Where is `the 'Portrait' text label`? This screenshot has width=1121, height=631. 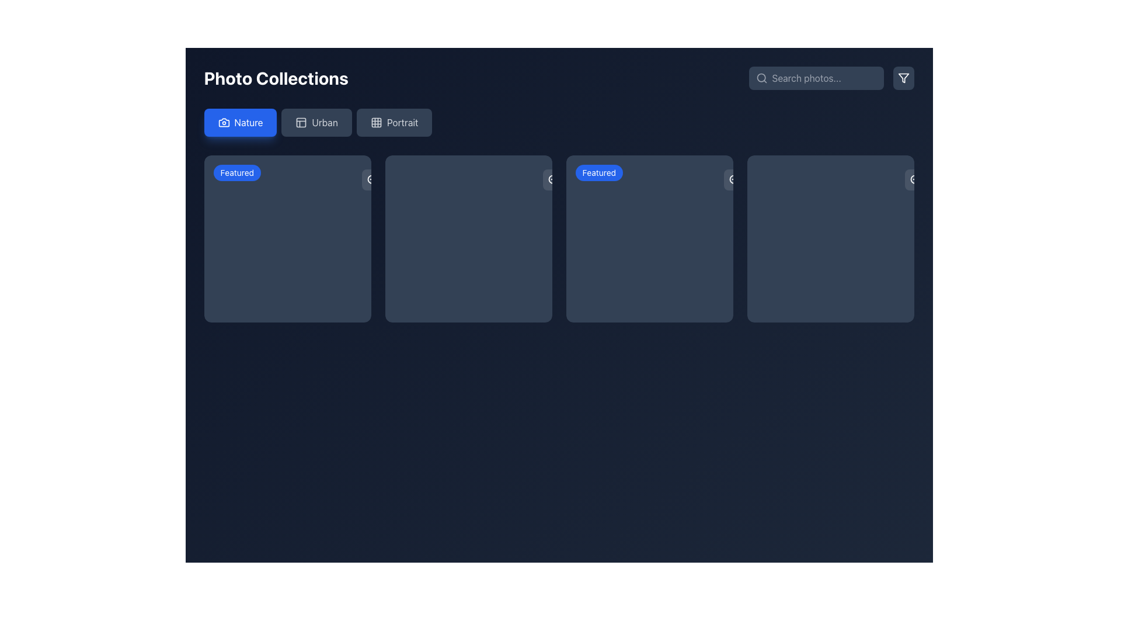
the 'Portrait' text label is located at coordinates (402, 122).